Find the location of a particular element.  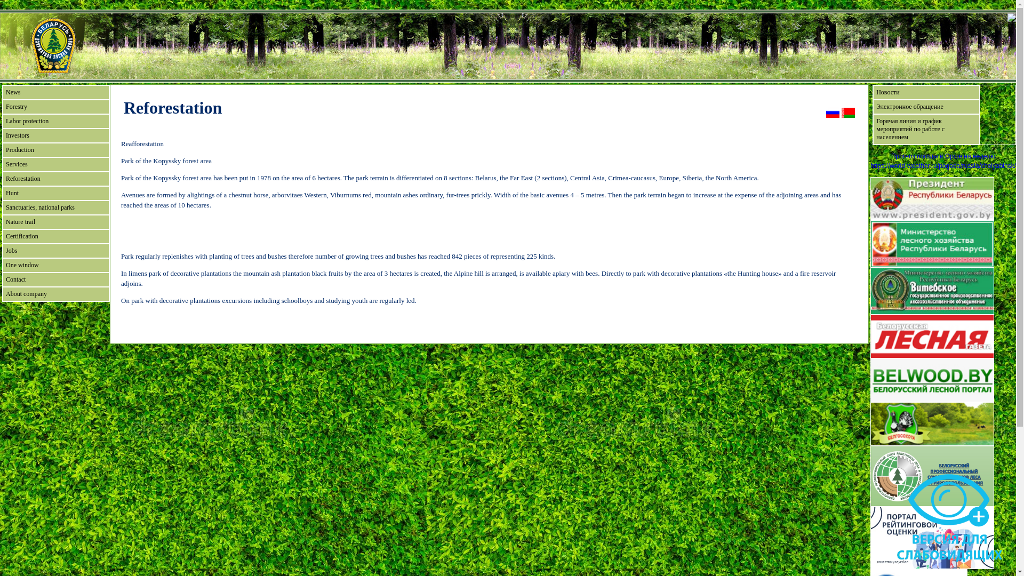

'One window' is located at coordinates (55, 265).